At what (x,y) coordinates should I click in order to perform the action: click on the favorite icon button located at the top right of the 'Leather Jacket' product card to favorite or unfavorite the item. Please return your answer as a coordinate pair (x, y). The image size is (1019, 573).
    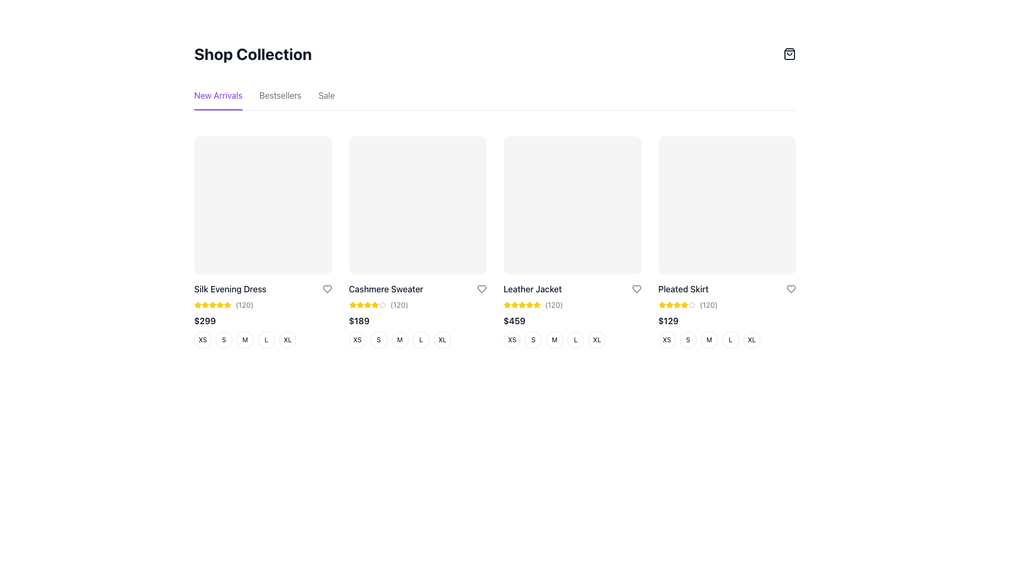
    Looking at the image, I should click on (636, 289).